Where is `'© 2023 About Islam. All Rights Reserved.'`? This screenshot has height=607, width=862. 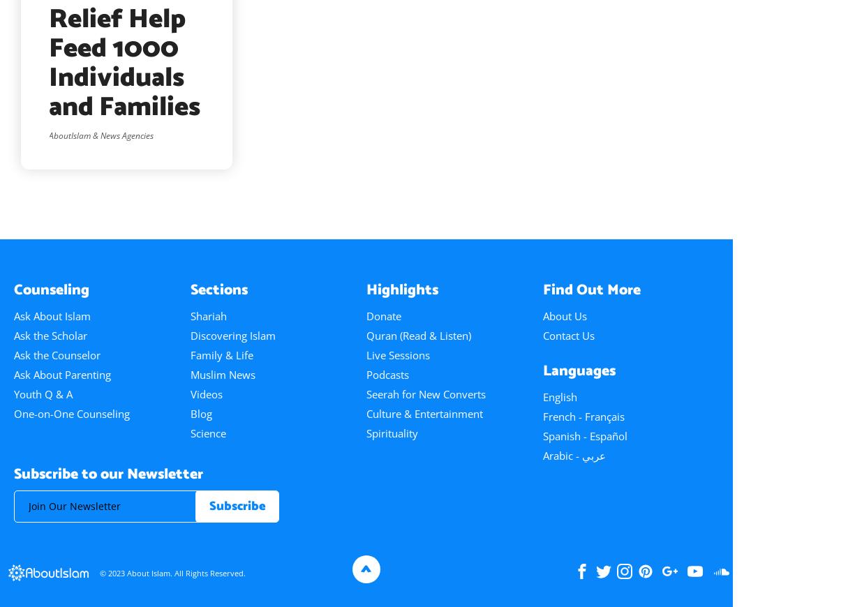 '© 2023 About Islam. All Rights Reserved.' is located at coordinates (172, 572).